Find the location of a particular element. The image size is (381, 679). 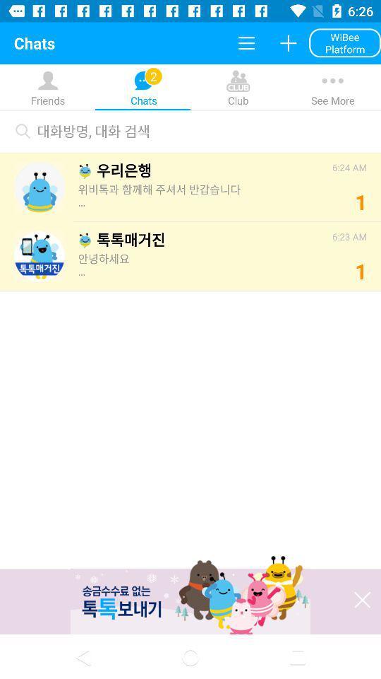

club is located at coordinates (190, 100).